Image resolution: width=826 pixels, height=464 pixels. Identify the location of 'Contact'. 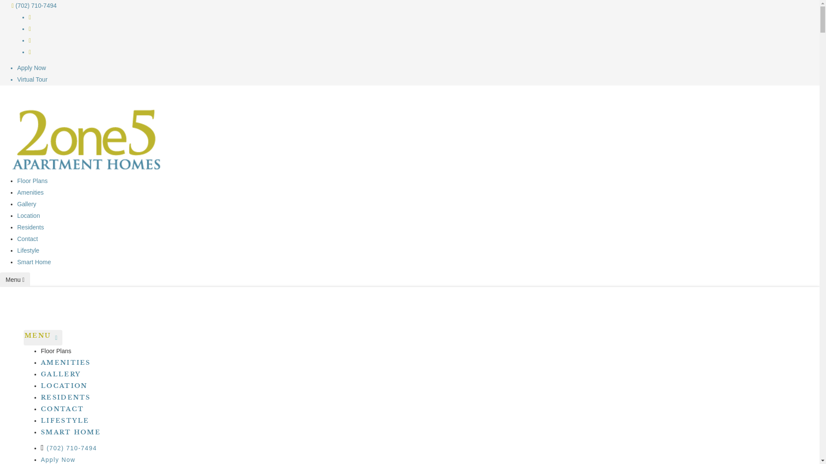
(27, 238).